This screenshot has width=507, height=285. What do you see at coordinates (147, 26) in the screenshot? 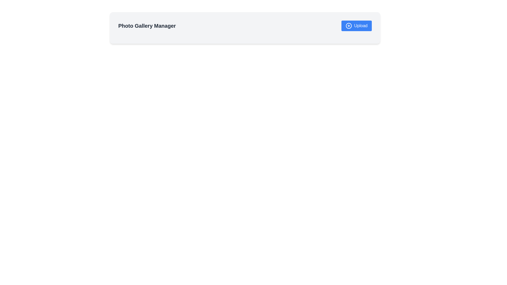
I see `the text label displaying 'Photo Gallery Manager' which is bold and dark gray, located on the left side of the header` at bounding box center [147, 26].